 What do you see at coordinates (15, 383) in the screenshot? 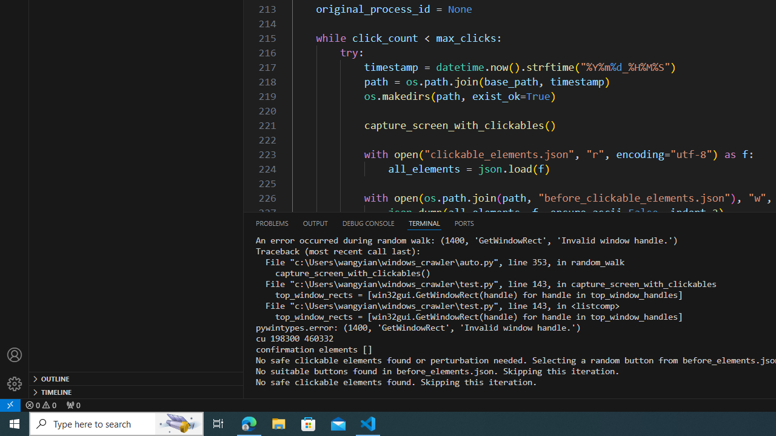
I see `'Manage'` at bounding box center [15, 383].